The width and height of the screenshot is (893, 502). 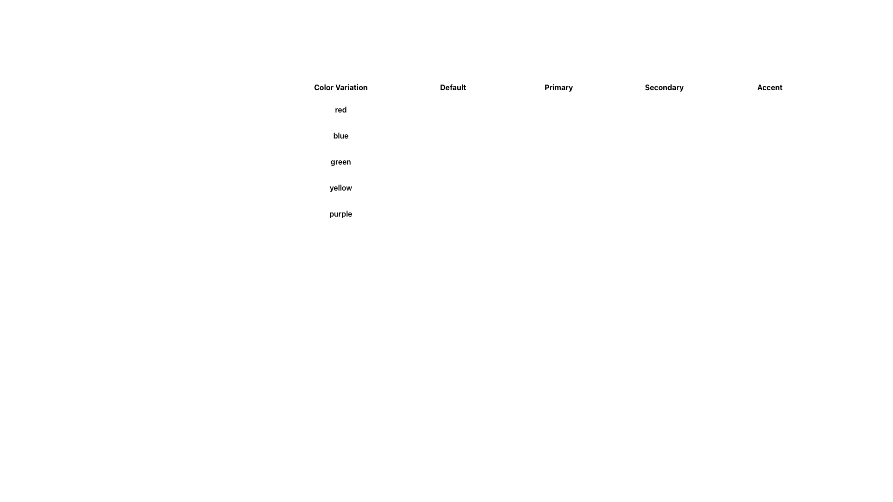 What do you see at coordinates (429, 161) in the screenshot?
I see `the button located in the third row under the 'Color Variation' column` at bounding box center [429, 161].